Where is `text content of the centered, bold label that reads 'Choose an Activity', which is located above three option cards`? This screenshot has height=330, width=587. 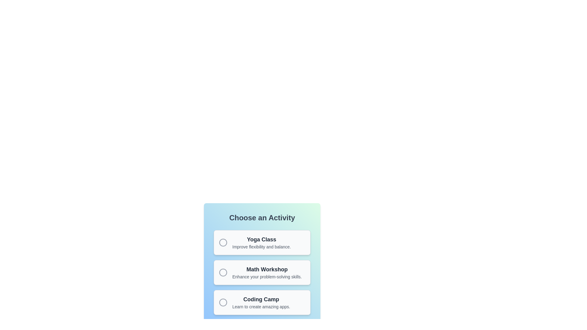
text content of the centered, bold label that reads 'Choose an Activity', which is located above three option cards is located at coordinates (262, 218).